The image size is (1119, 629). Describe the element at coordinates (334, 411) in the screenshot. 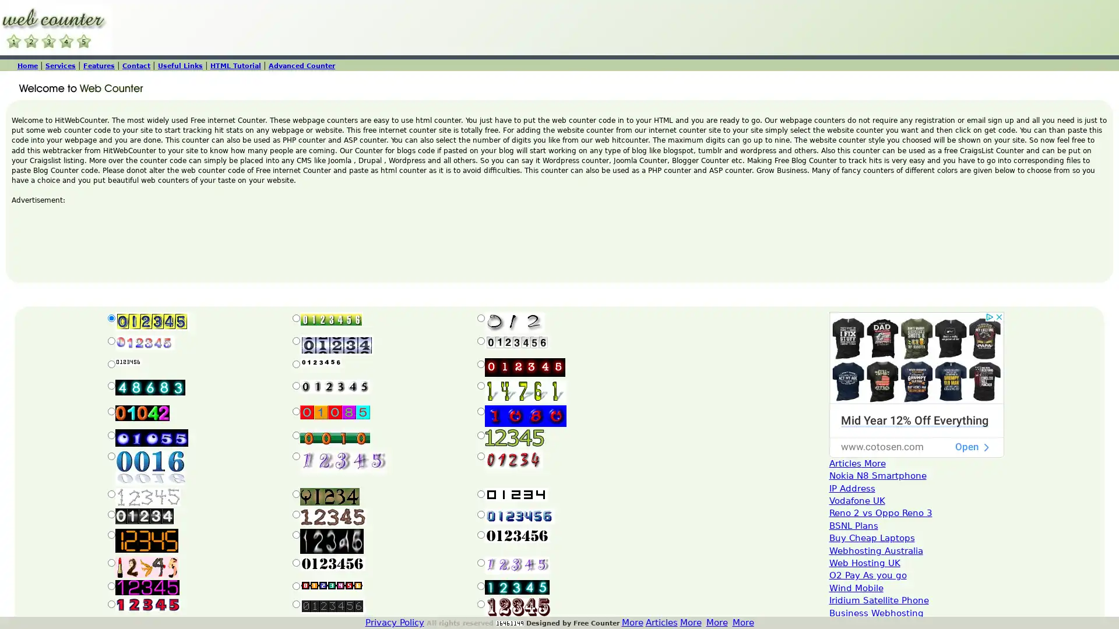

I see `Submit` at that location.